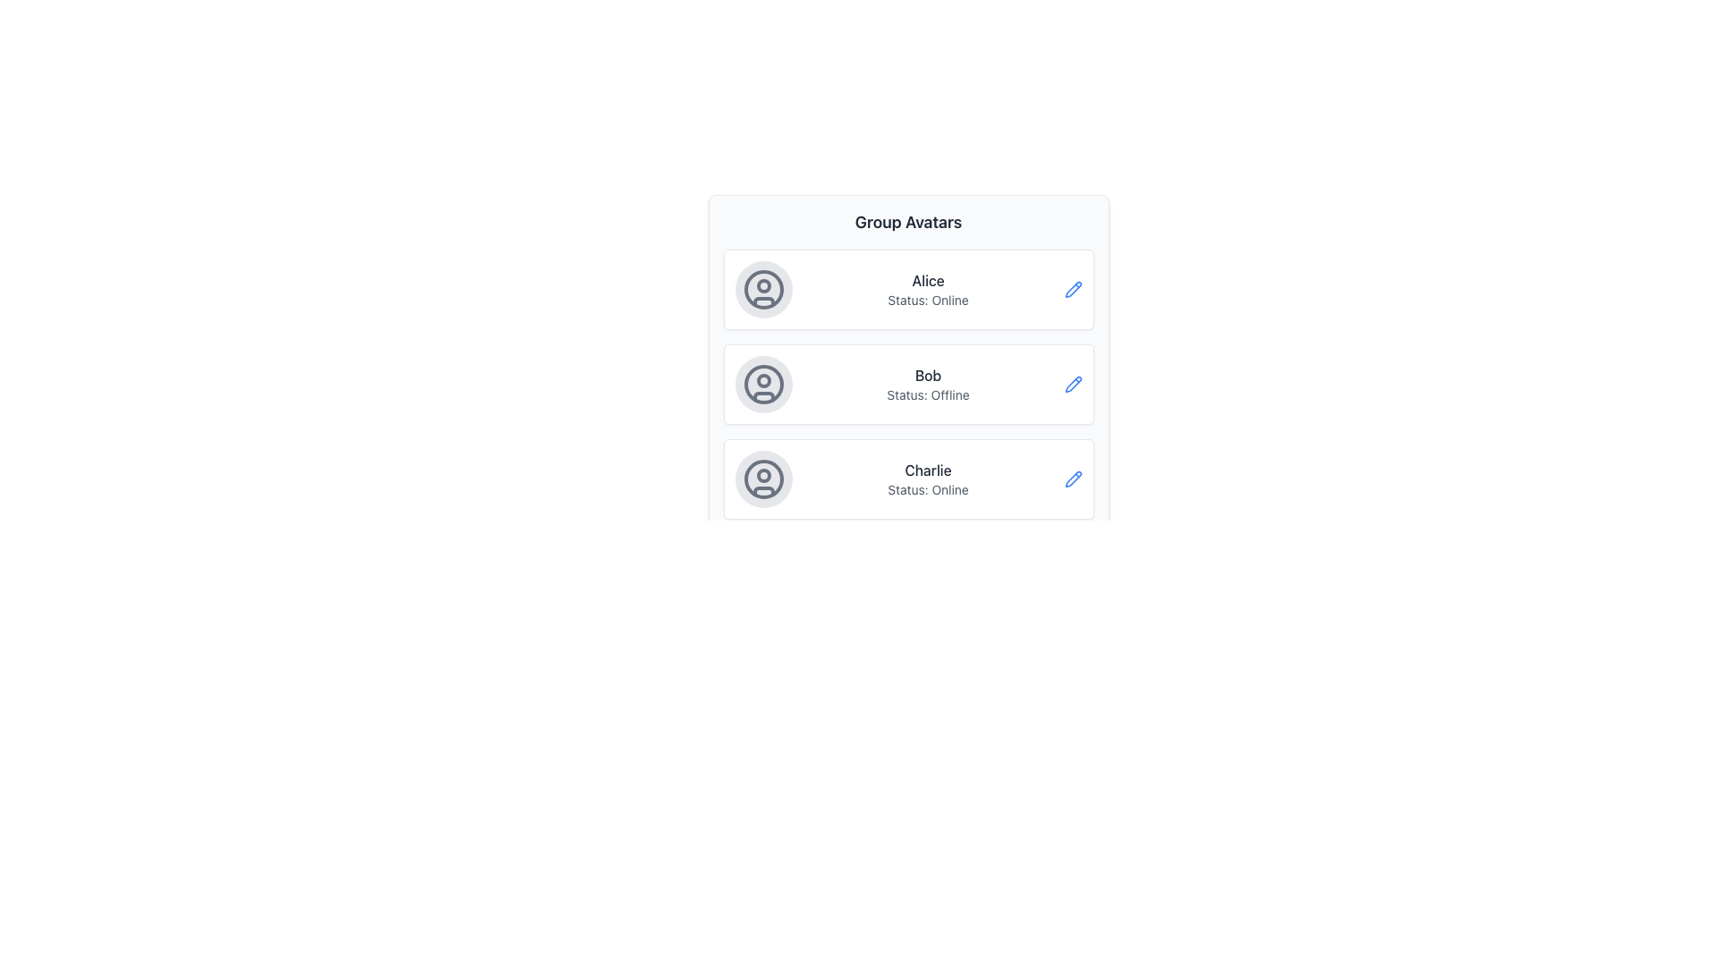 This screenshot has height=966, width=1718. Describe the element at coordinates (763, 379) in the screenshot. I see `the Decorative SVG Circle that is part of the user avatar for 'Bob' in the listing, which is visually represented as a small circle centered within a larger profile icon` at that location.